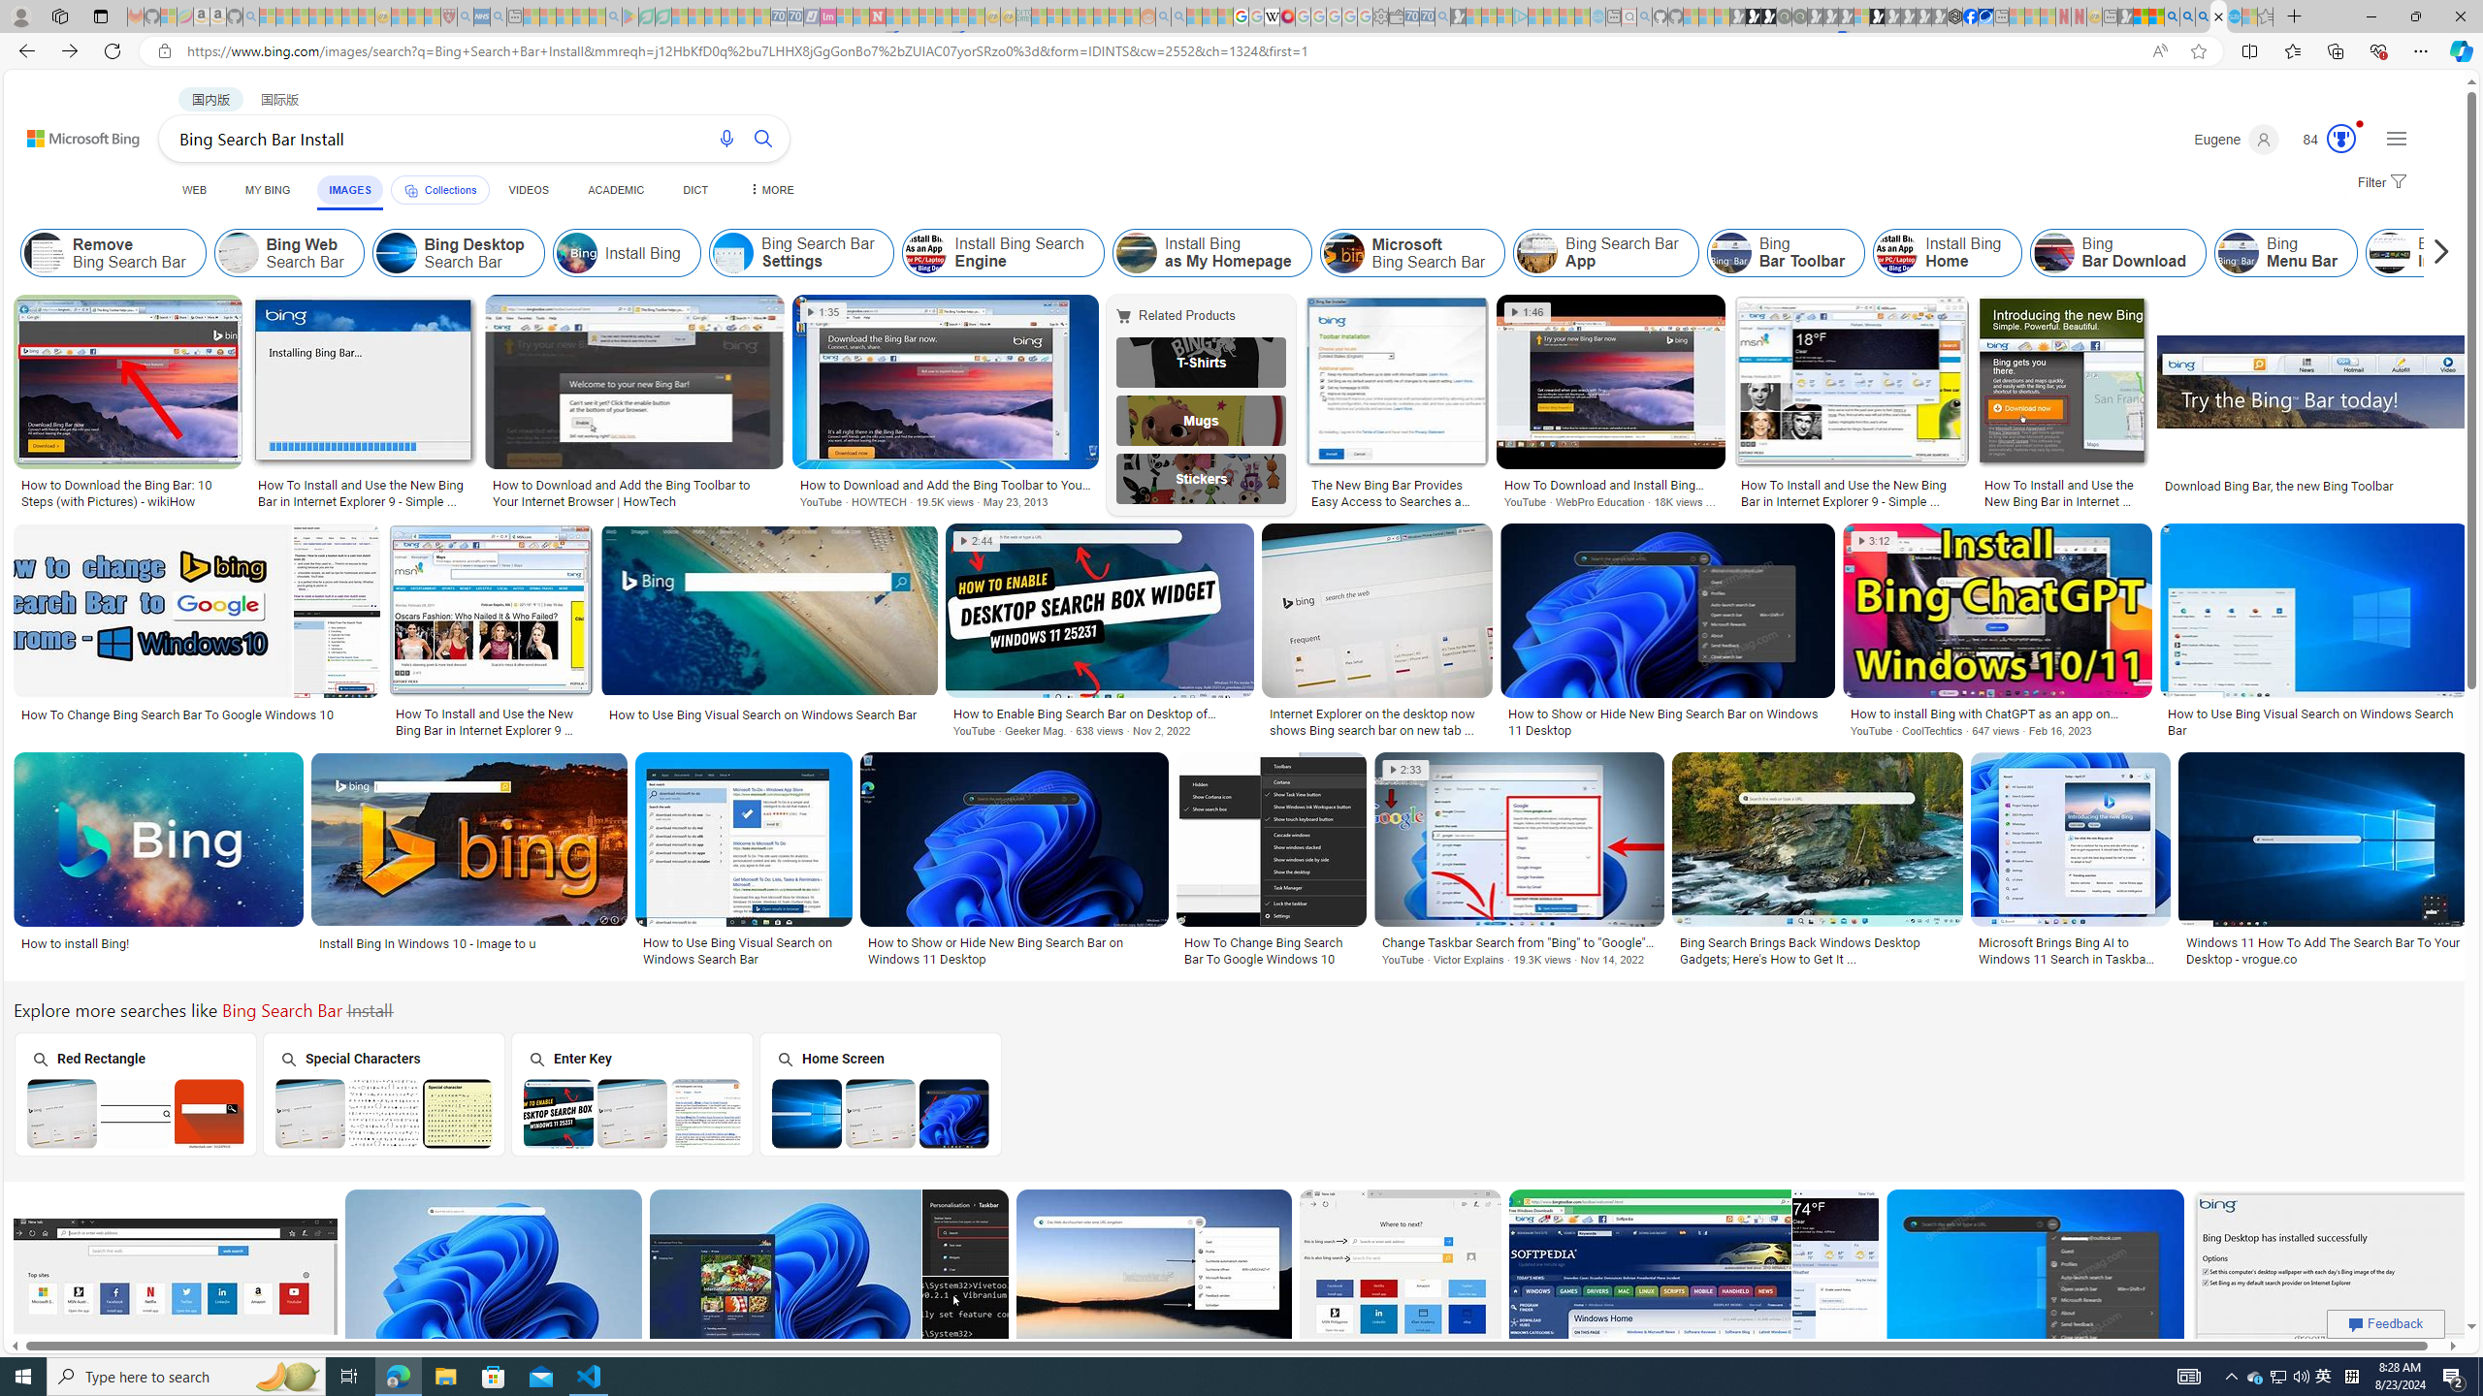 Image resolution: width=2483 pixels, height=1396 pixels. I want to click on '2009 Bing officially replaced Live Search on June 3 - Search', so click(2187, 16).